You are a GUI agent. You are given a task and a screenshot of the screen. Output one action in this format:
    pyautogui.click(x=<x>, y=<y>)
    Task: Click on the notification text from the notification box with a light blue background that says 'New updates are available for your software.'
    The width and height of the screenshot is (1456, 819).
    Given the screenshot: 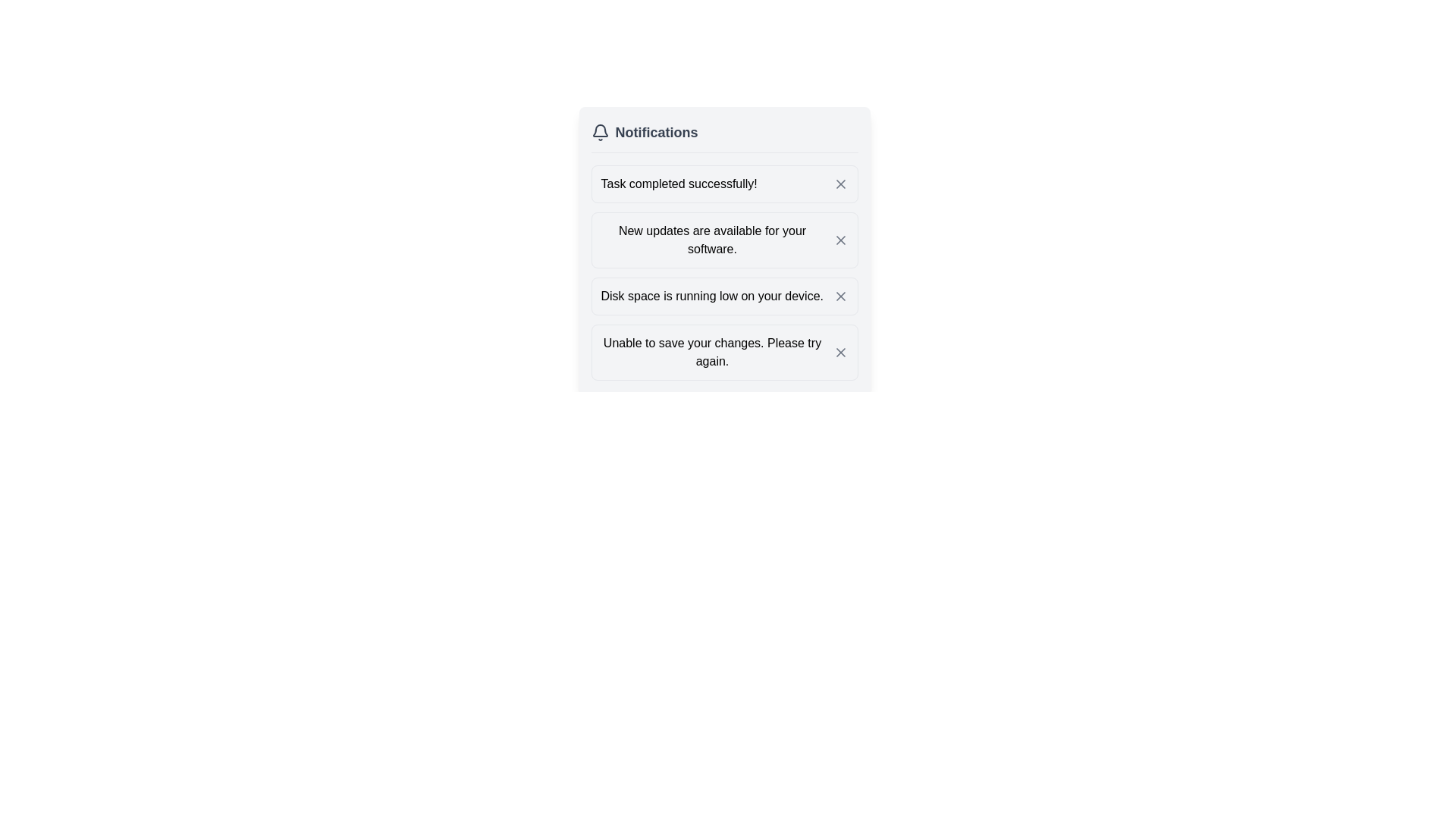 What is the action you would take?
    pyautogui.click(x=723, y=239)
    